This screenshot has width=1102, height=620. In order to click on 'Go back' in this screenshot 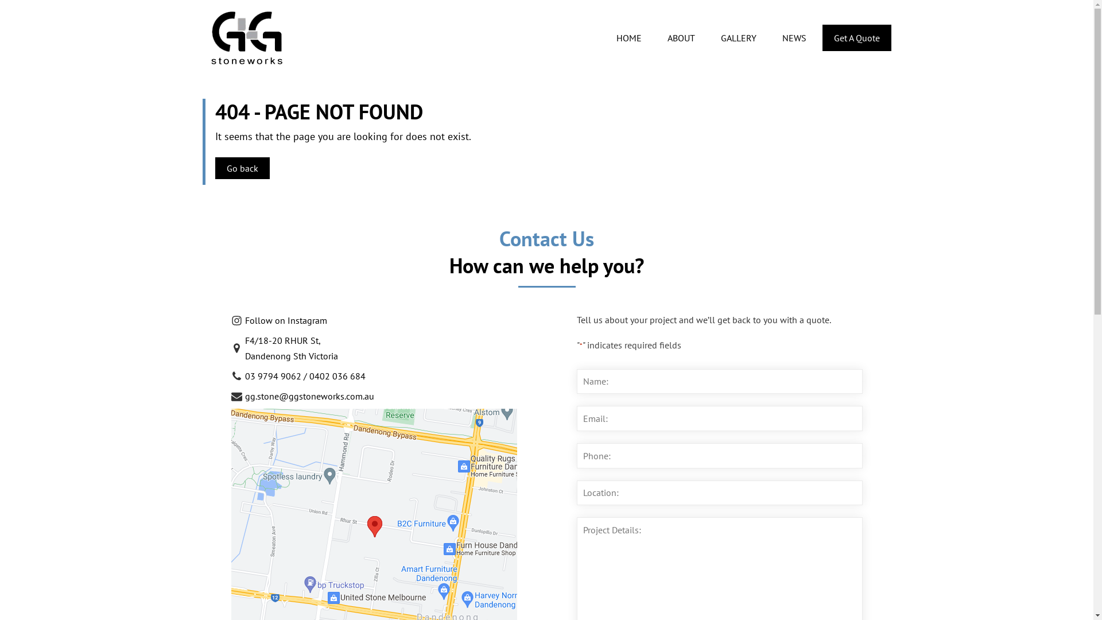, I will do `click(241, 168)`.